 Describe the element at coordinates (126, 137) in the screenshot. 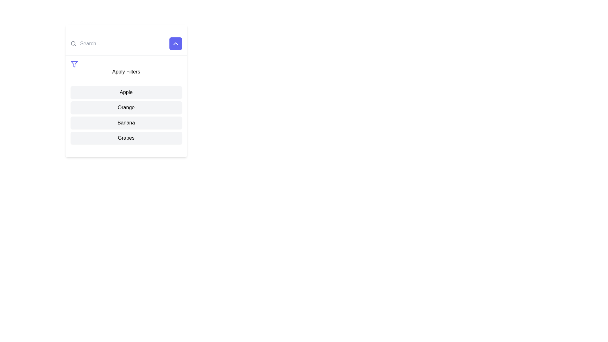

I see `the 'Grapes' button-like list item, which is the last item in a vertically stacked list with a light gray background and black centered text` at that location.